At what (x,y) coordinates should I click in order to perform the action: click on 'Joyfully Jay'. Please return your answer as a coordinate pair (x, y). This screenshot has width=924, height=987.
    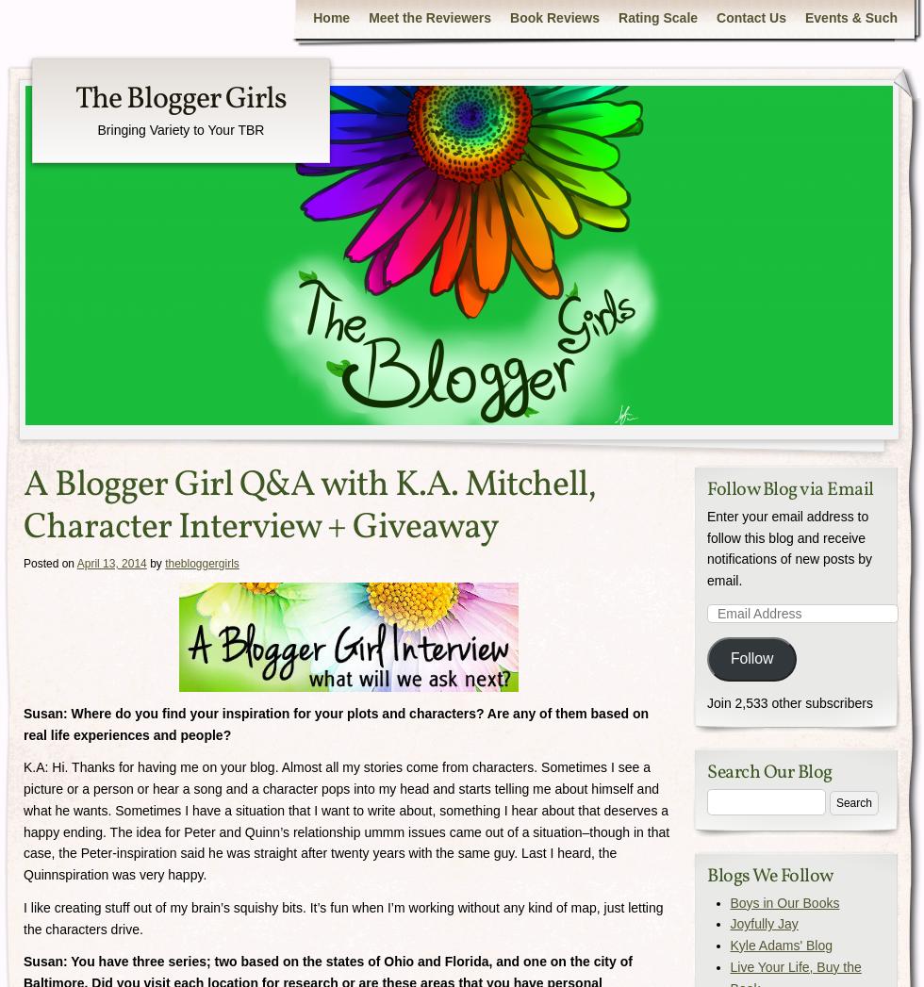
    Looking at the image, I should click on (763, 922).